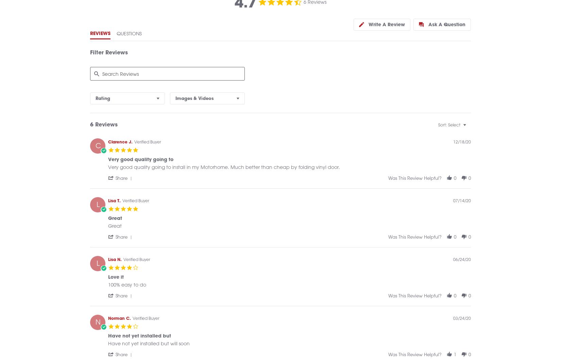 The image size is (561, 364). What do you see at coordinates (108, 343) in the screenshot?
I see `'Have not yet installed but'` at bounding box center [108, 343].